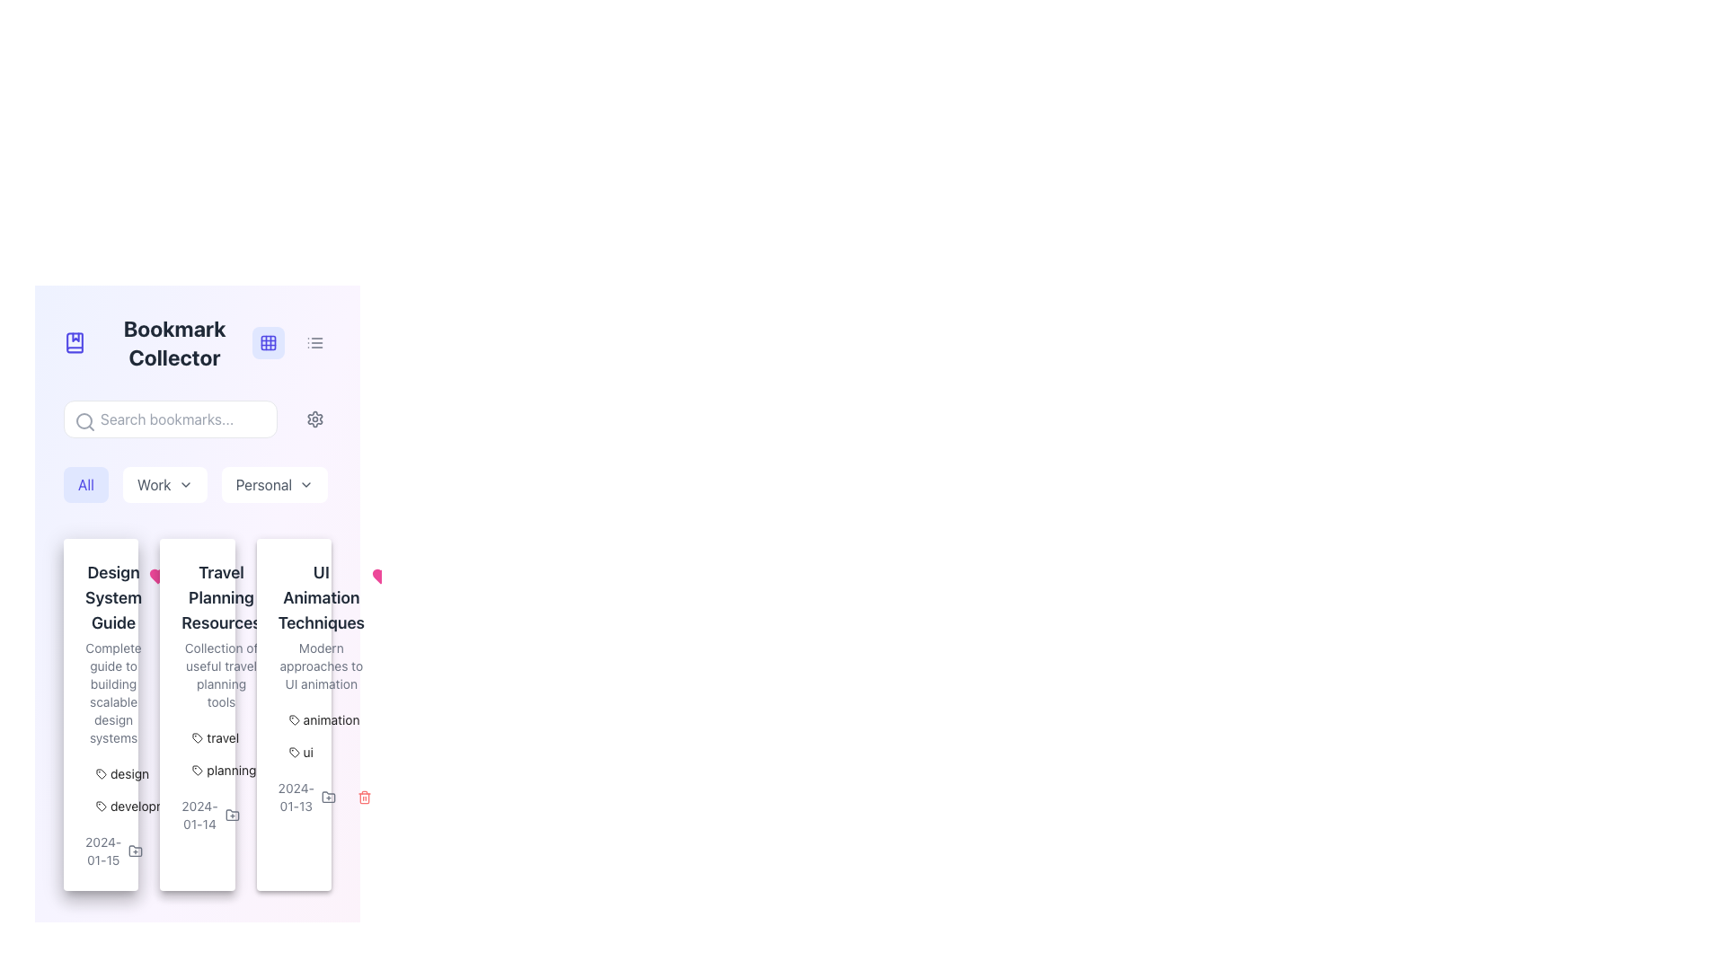  I want to click on the 'Add Folder' button located below the '2024-01-13' date text in the card titled 'UI Animation Techniques', so click(328, 796).